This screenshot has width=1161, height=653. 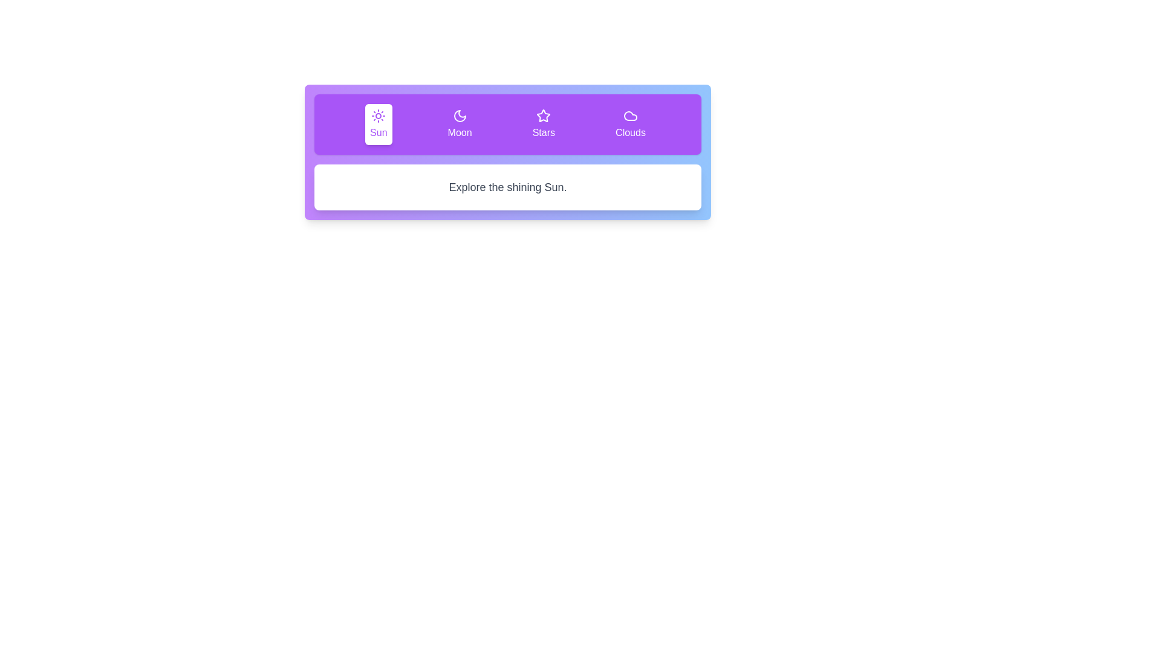 I want to click on the 'Stars' icon located in the third segment of the horizontal navigation bar, so click(x=543, y=115).